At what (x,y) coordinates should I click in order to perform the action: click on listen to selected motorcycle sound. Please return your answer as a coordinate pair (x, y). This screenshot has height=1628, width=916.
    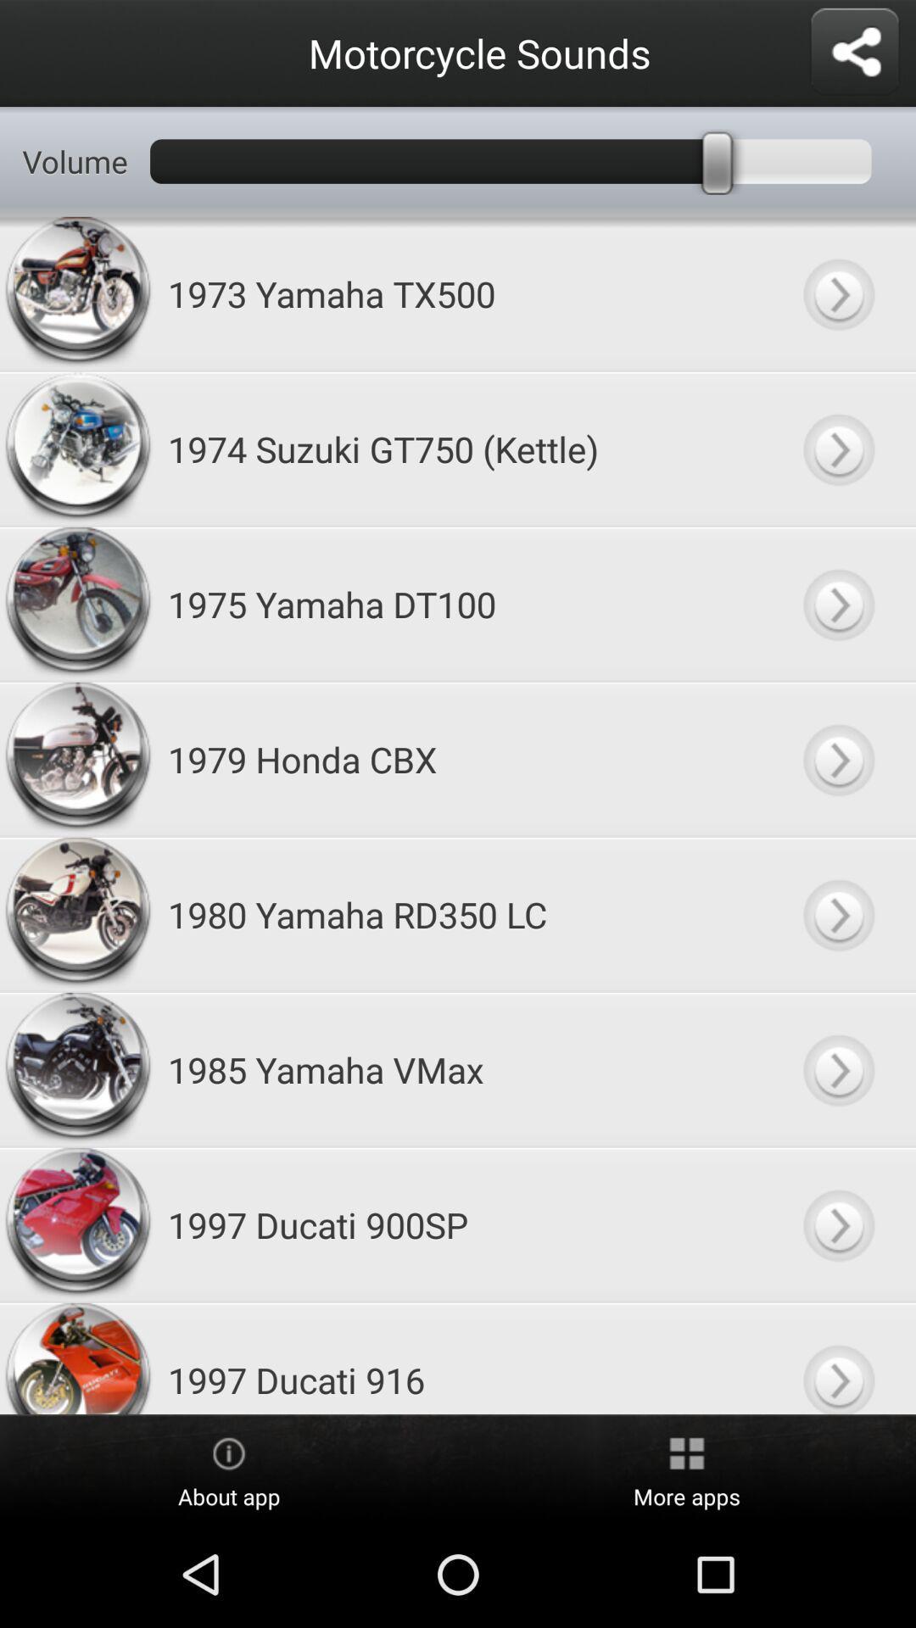
    Looking at the image, I should click on (837, 913).